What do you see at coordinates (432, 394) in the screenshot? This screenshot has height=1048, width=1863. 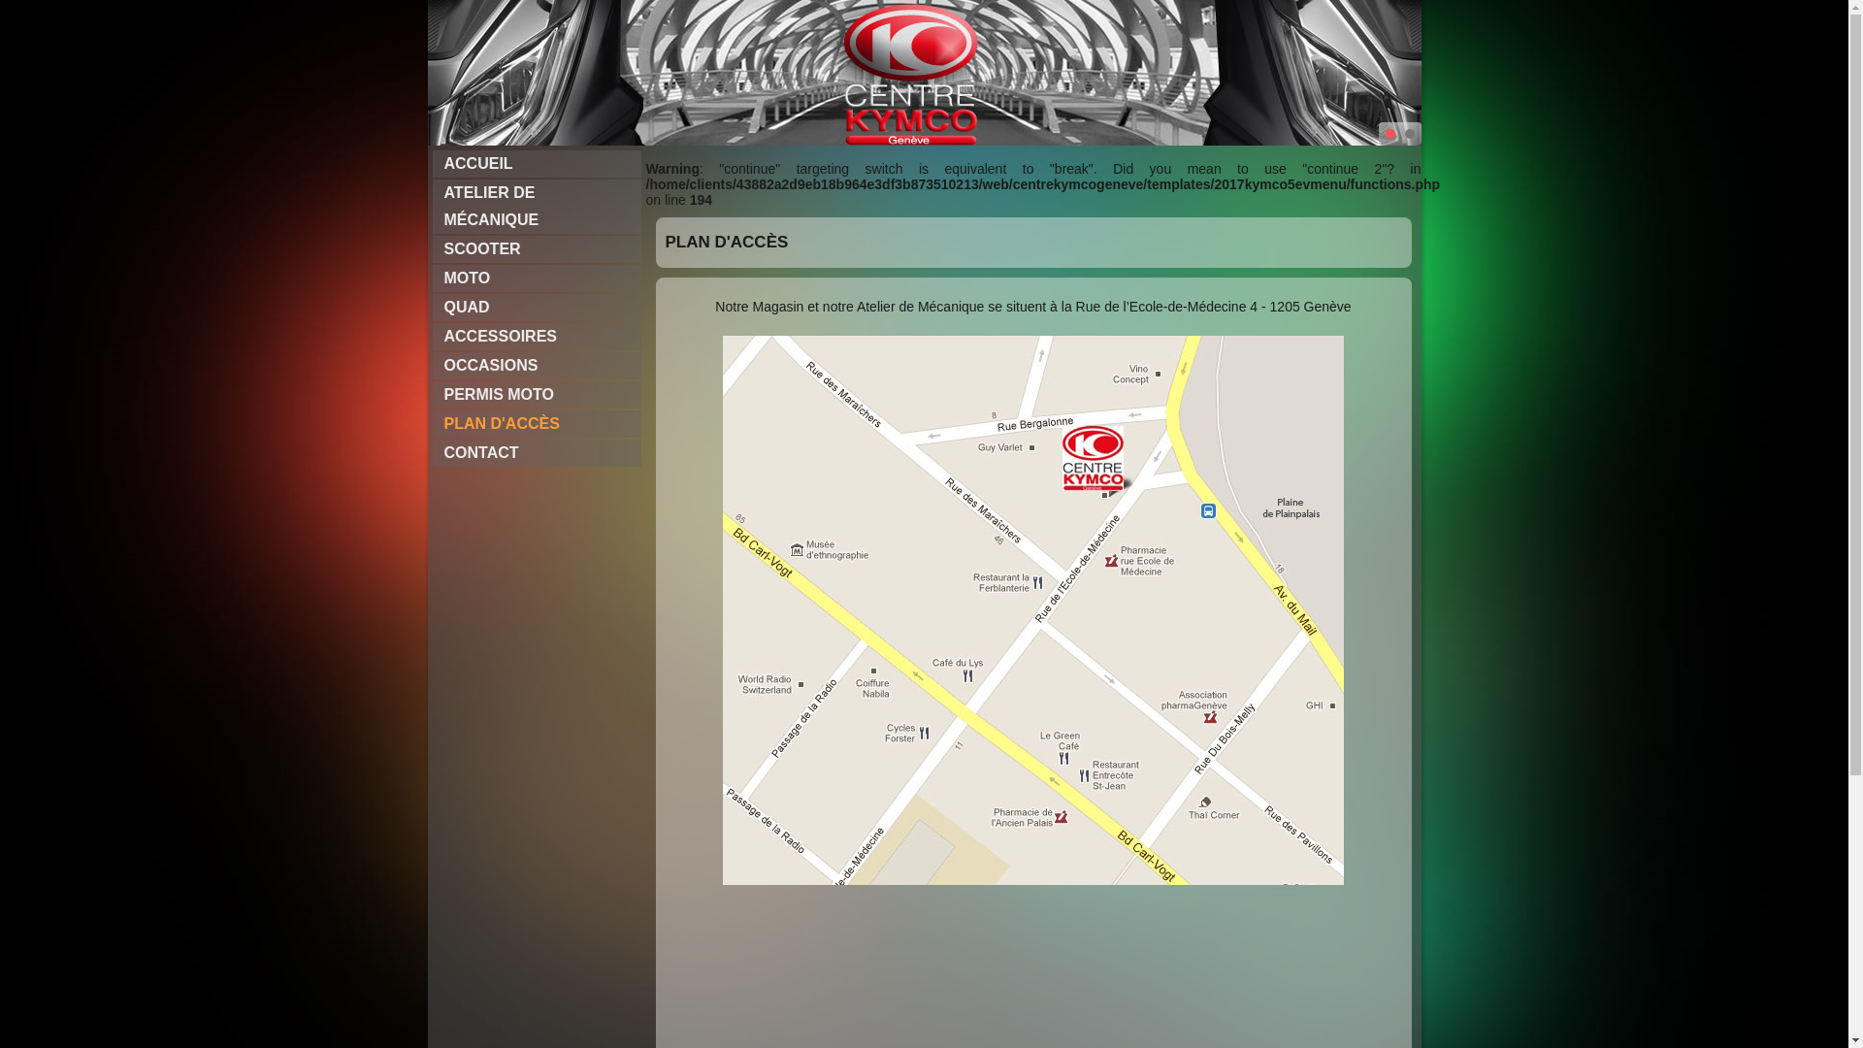 I see `'PERMIS MOTO'` at bounding box center [432, 394].